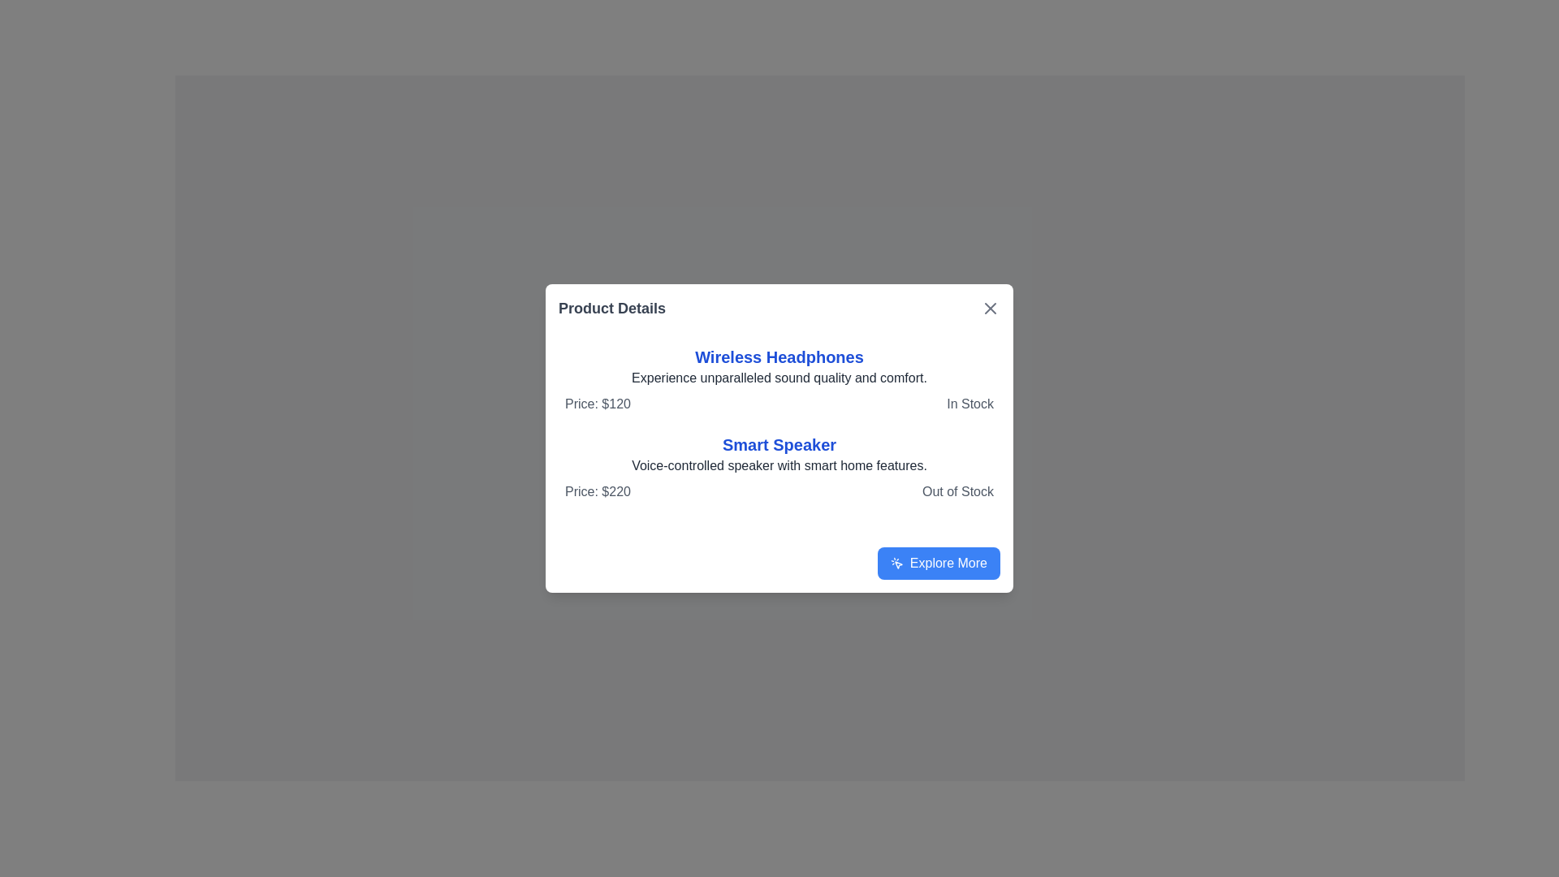 Image resolution: width=1559 pixels, height=877 pixels. Describe the element at coordinates (989, 309) in the screenshot. I see `the close button located in the header section of the modal window, which is aligned to the far right of the title 'Product Details'` at that location.